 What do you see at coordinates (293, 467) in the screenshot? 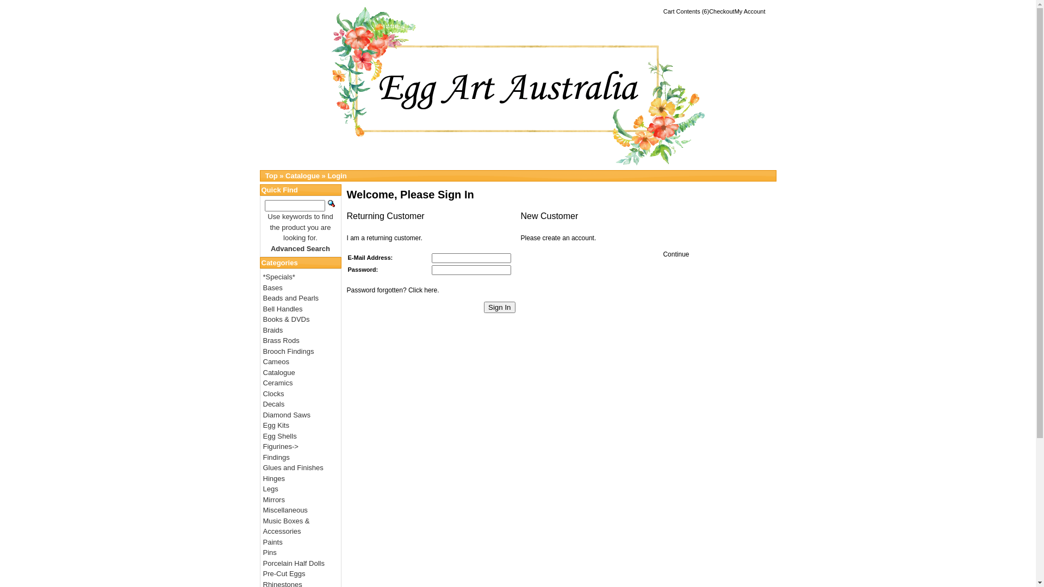
I see `'Glues and Finishes'` at bounding box center [293, 467].